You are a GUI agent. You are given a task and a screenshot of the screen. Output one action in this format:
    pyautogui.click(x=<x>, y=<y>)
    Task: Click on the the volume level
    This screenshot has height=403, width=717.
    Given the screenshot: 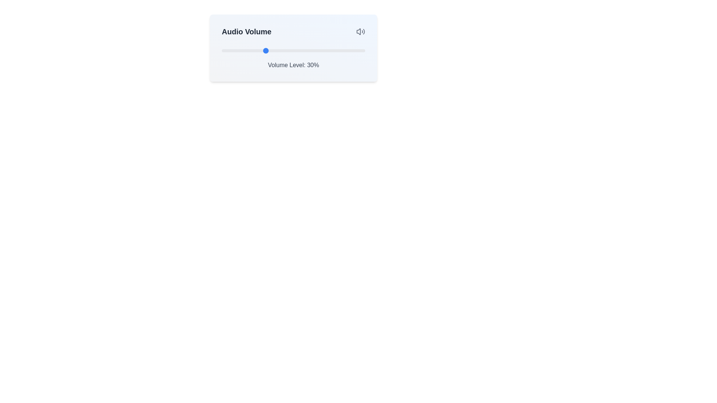 What is the action you would take?
    pyautogui.click(x=303, y=50)
    